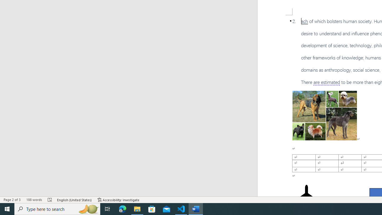 This screenshot has width=382, height=215. Describe the element at coordinates (50, 200) in the screenshot. I see `'Spelling and Grammar Check Errors'` at that location.